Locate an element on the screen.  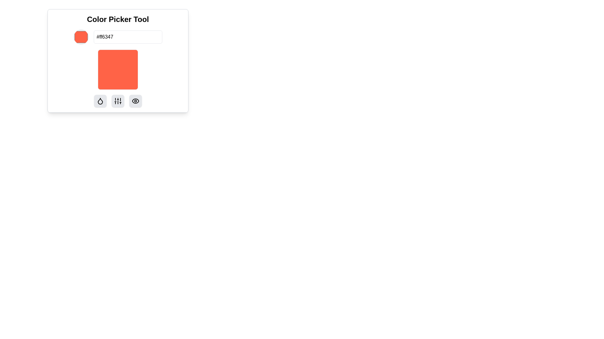
the bottom-right section of the eye icon, which is a graphical shape resembling an arc that forms the outline of the eye is located at coordinates (135, 100).